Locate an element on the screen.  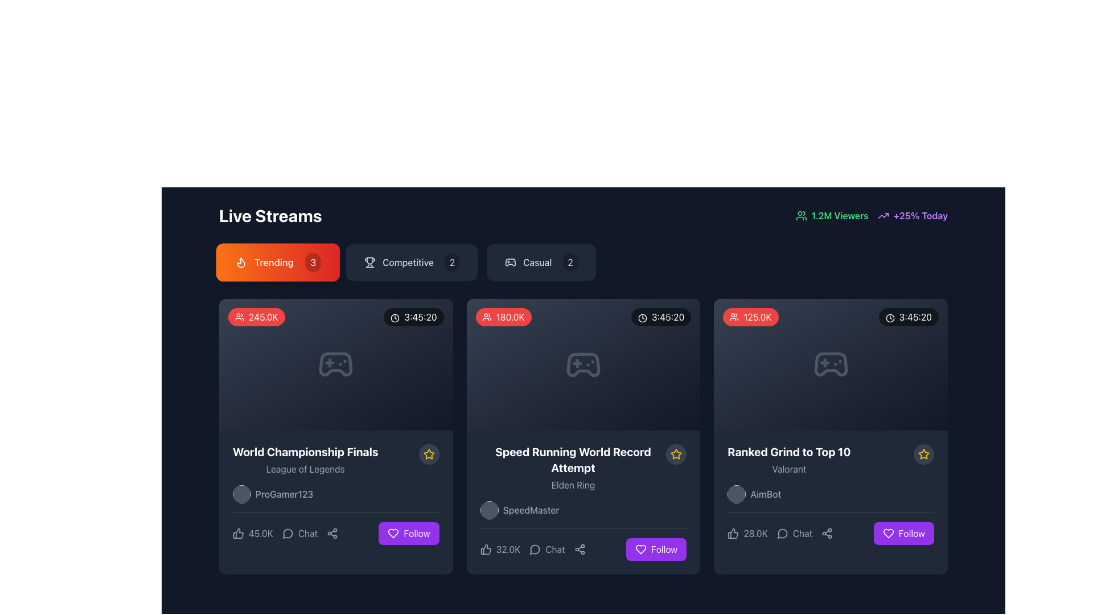
the heart-shaped icon located to the left of the 'Follow' button at the bottom-right section of the 'World Championship Finals' content card to indicate a 'like' or 'favorite' action is located at coordinates (393, 534).